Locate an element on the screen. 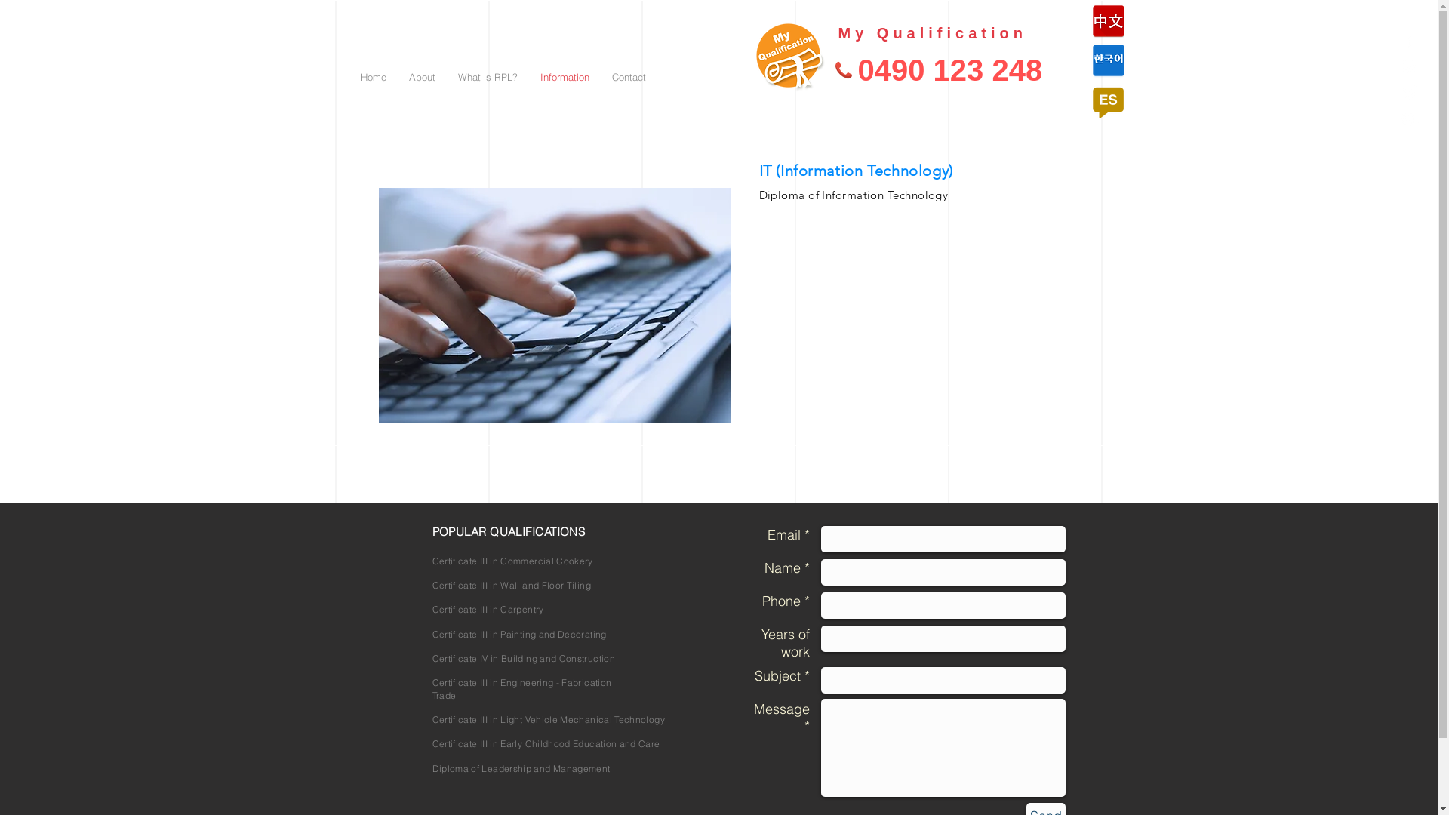  'Trade' is located at coordinates (443, 695).